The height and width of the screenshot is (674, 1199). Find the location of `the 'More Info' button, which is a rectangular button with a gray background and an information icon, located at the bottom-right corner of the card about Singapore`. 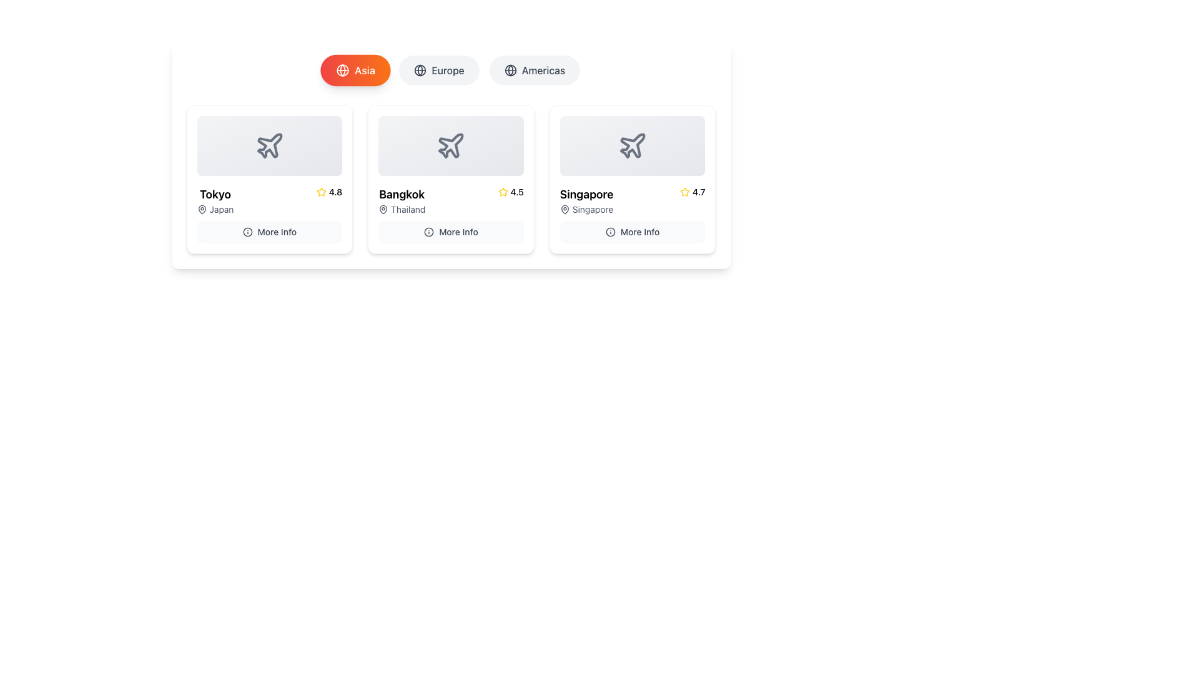

the 'More Info' button, which is a rectangular button with a gray background and an information icon, located at the bottom-right corner of the card about Singapore is located at coordinates (633, 232).